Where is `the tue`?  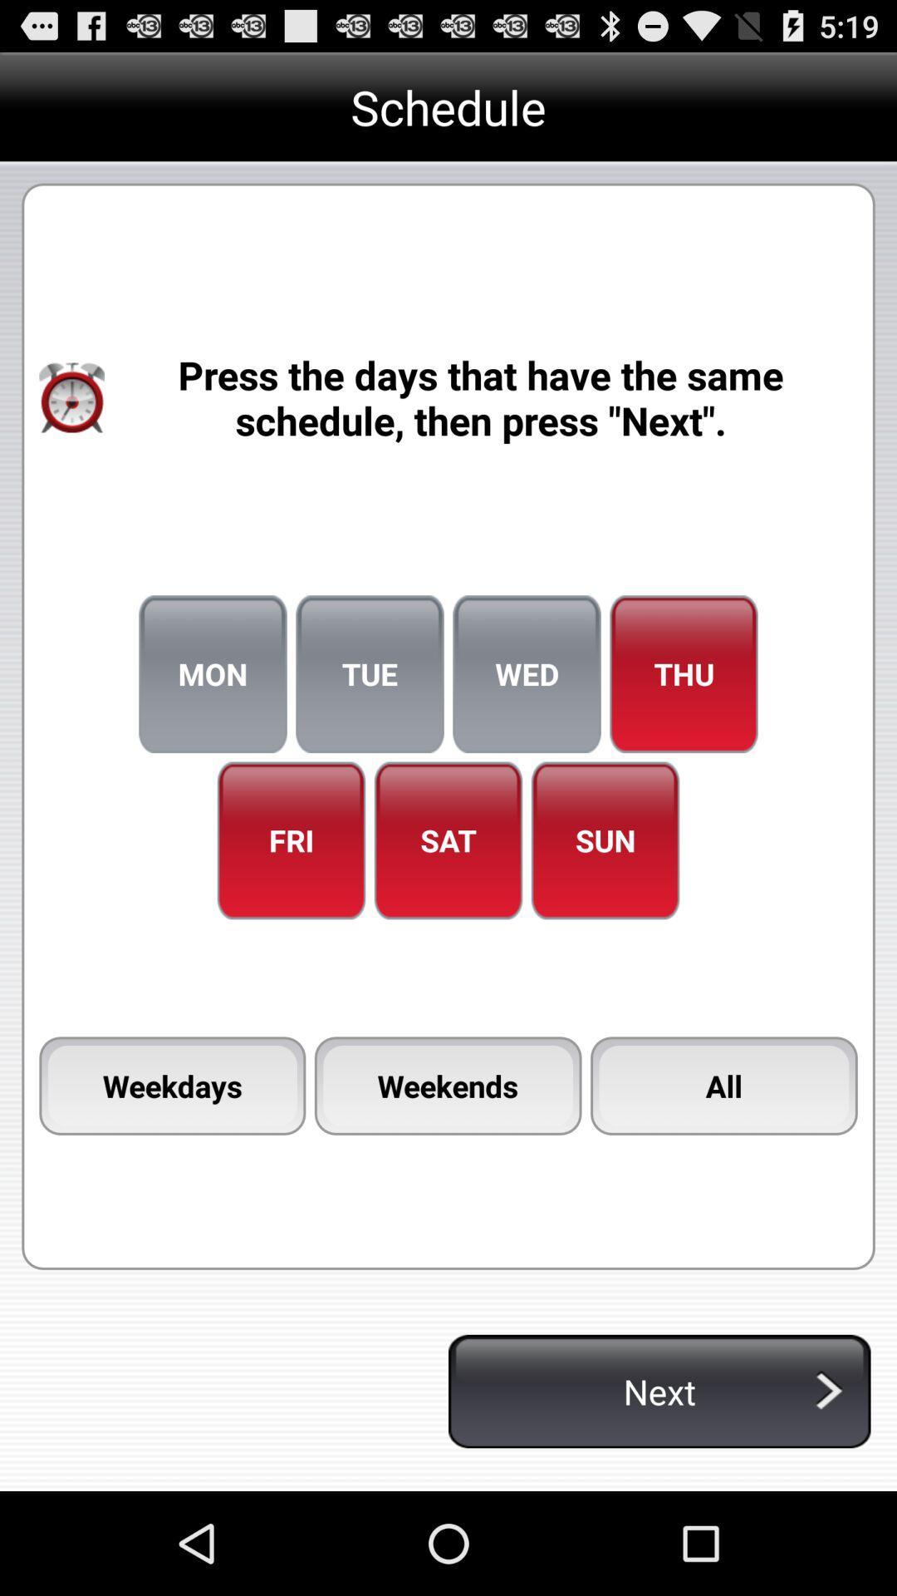 the tue is located at coordinates (369, 674).